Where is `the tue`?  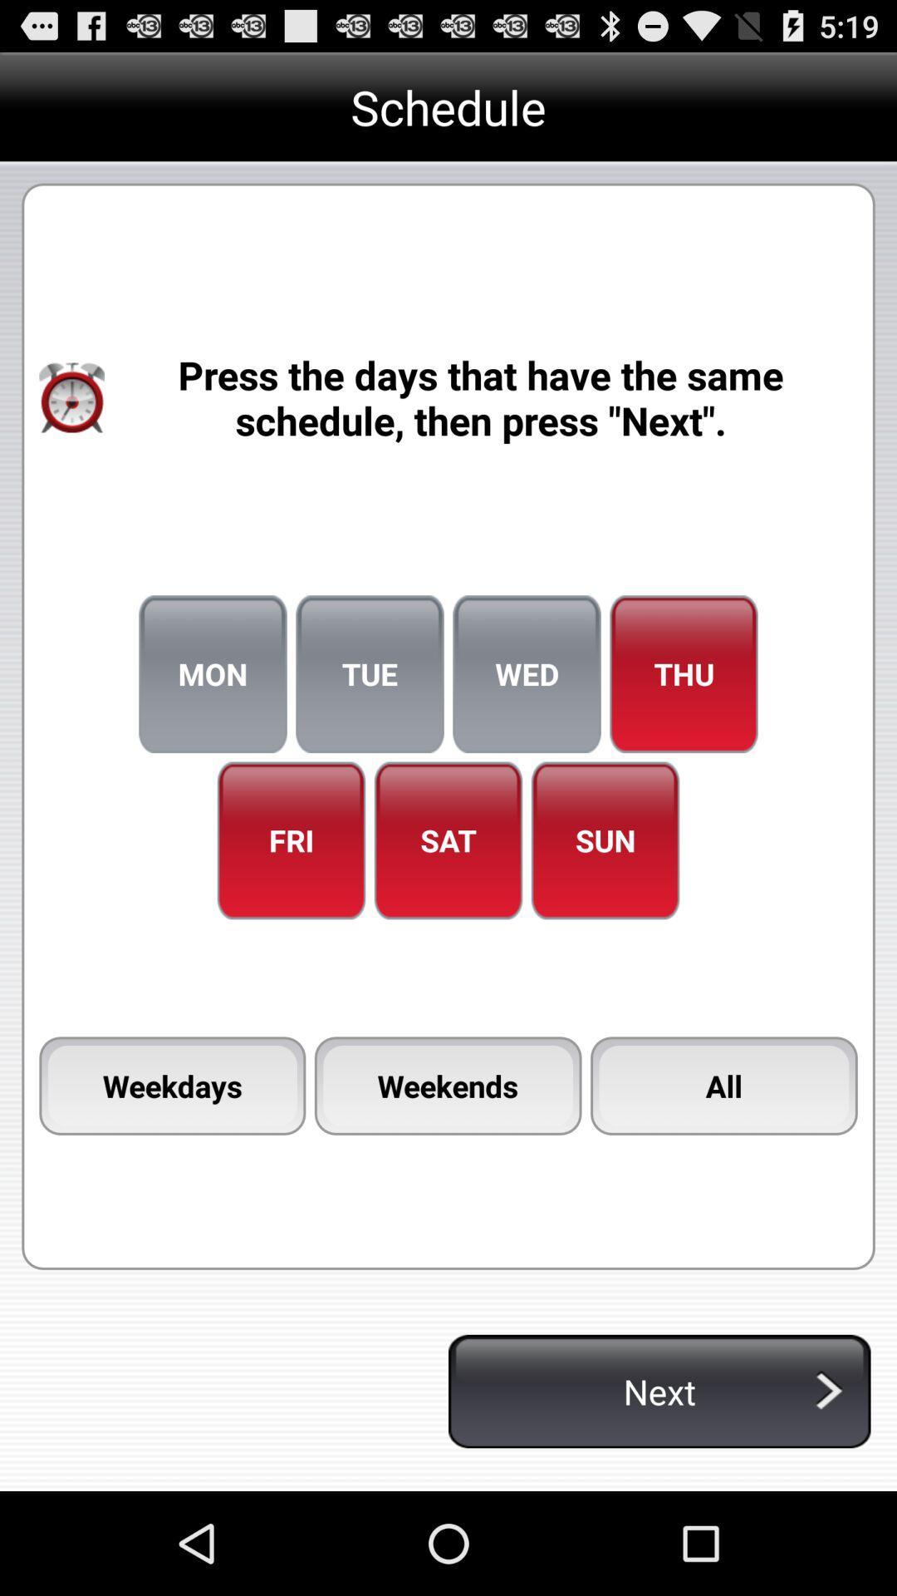 the tue is located at coordinates (369, 674).